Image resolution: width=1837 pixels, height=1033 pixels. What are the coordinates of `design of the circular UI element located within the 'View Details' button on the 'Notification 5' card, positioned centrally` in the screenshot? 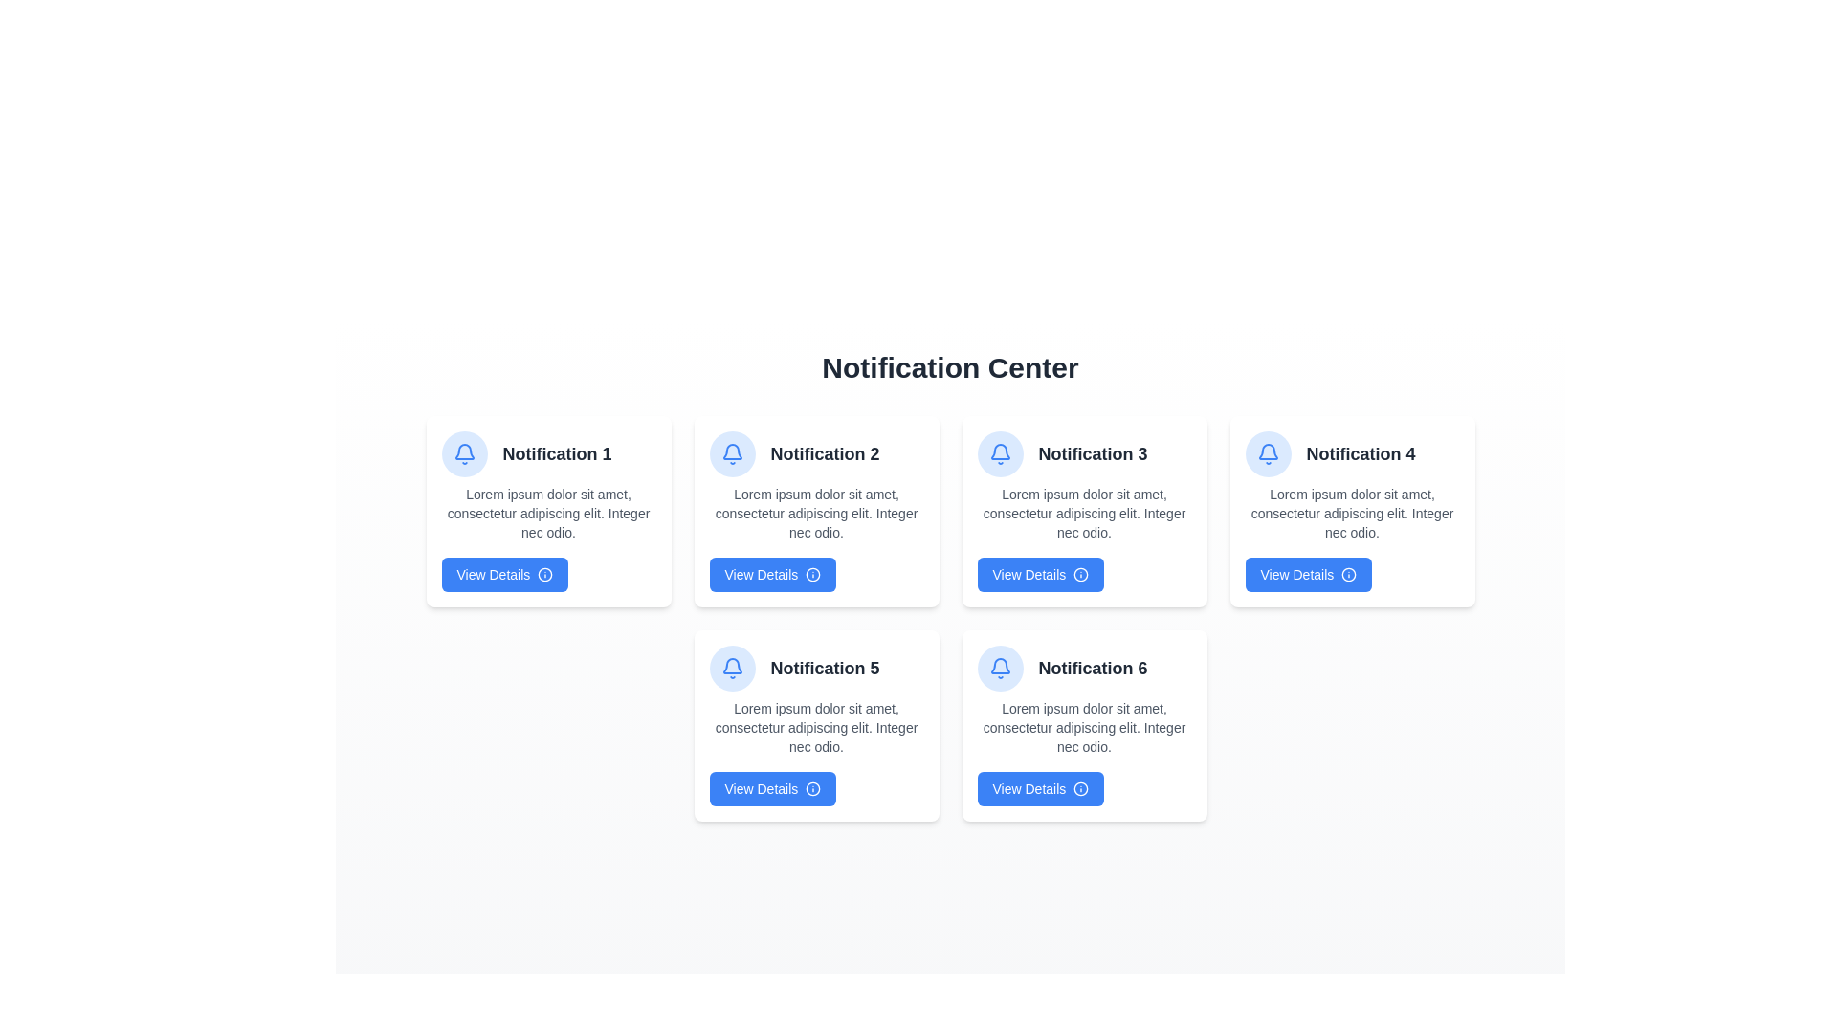 It's located at (813, 789).